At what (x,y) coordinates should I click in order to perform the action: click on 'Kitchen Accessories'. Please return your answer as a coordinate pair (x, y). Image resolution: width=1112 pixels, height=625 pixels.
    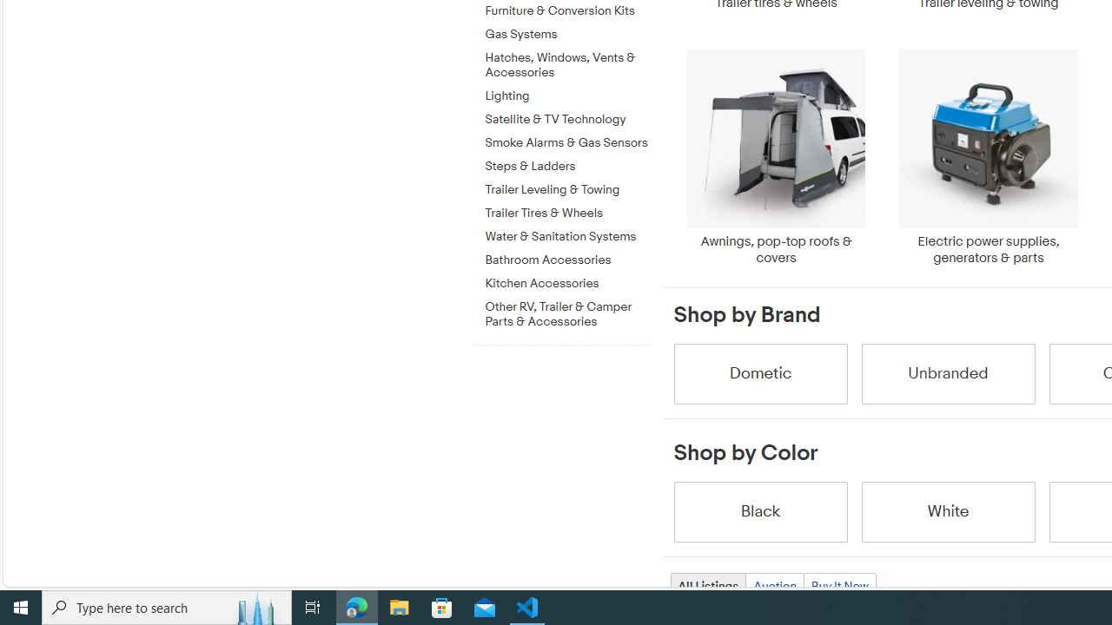
    Looking at the image, I should click on (567, 280).